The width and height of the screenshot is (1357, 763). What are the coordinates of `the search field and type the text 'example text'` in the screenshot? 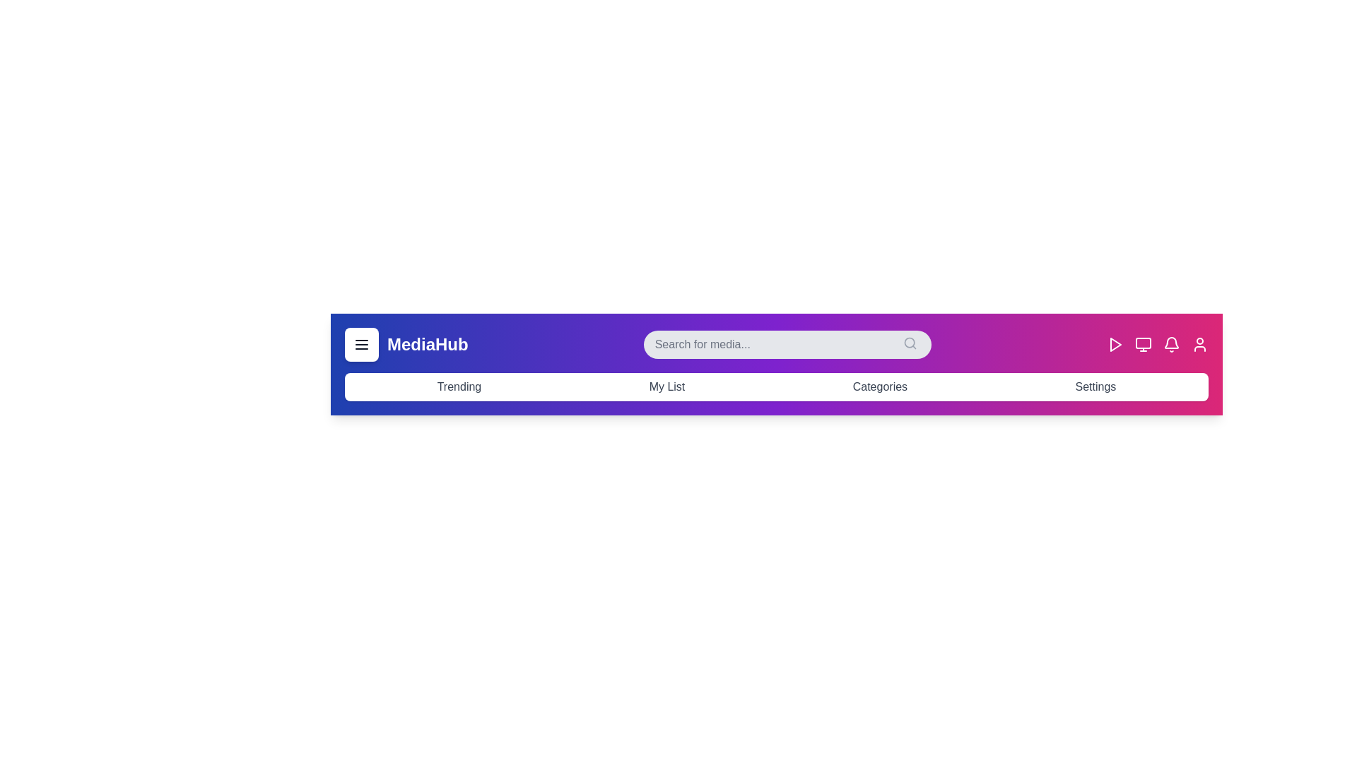 It's located at (786, 345).